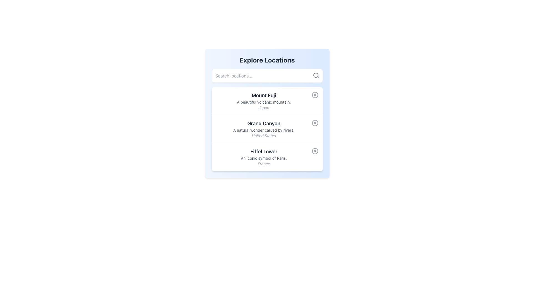 The height and width of the screenshot is (300, 533). What do you see at coordinates (316, 76) in the screenshot?
I see `the search icon button represented by a magnifying glass, located at the right side of the search input field, to initiate the search action` at bounding box center [316, 76].